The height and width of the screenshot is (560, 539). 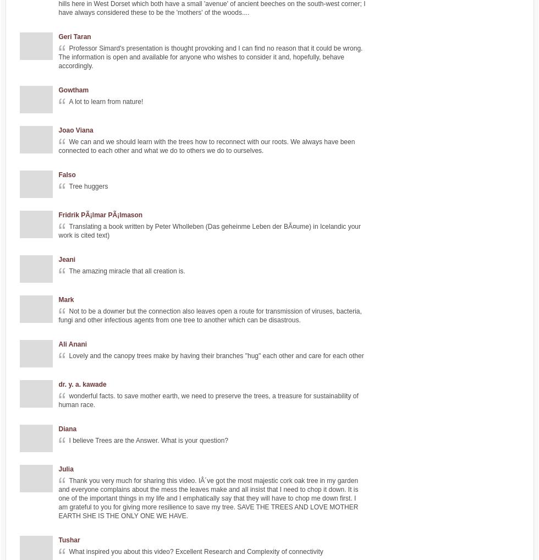 I want to click on 'Geri Taran', so click(x=58, y=36).